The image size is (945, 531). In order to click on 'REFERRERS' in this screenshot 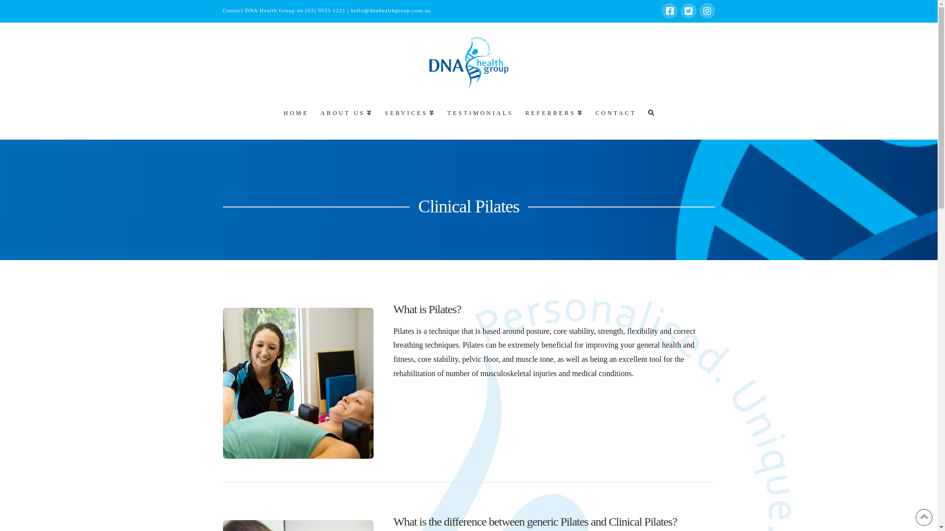, I will do `click(553, 117)`.